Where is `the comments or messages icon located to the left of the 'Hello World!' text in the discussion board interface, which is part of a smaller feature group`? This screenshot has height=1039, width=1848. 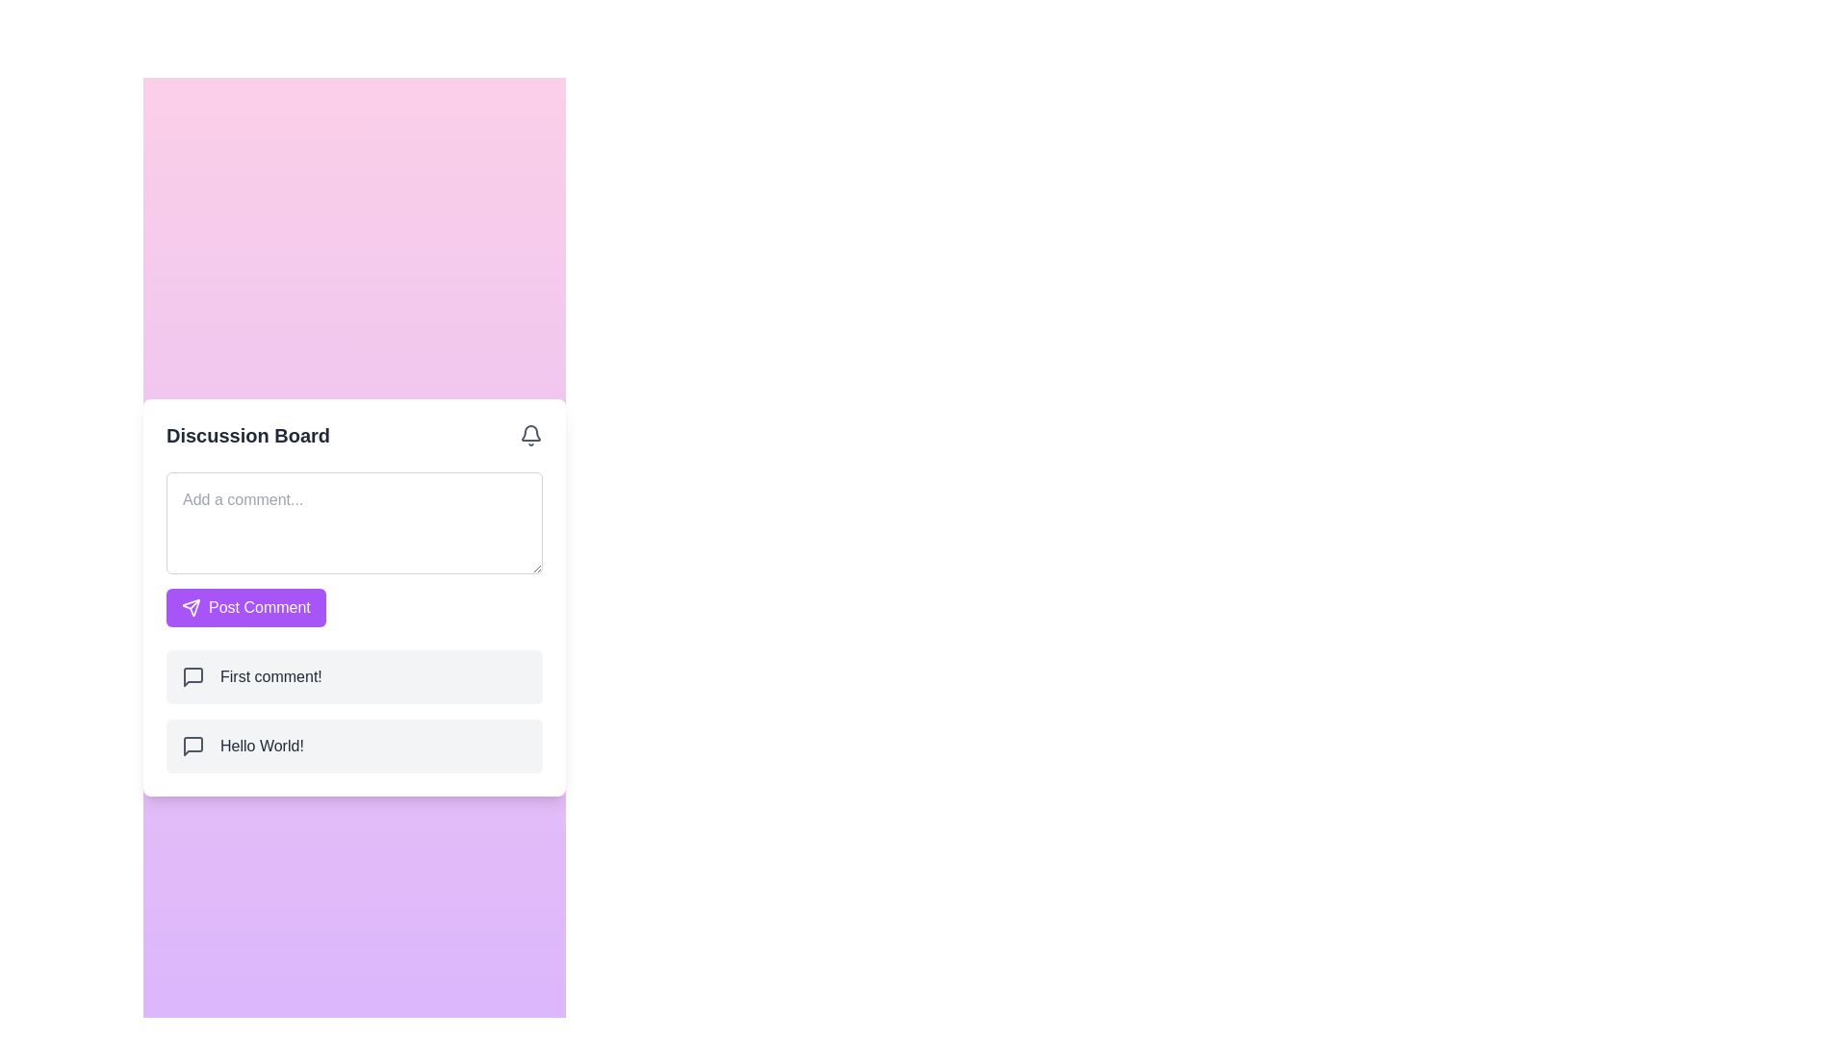 the comments or messages icon located to the left of the 'Hello World!' text in the discussion board interface, which is part of a smaller feature group is located at coordinates (193, 745).